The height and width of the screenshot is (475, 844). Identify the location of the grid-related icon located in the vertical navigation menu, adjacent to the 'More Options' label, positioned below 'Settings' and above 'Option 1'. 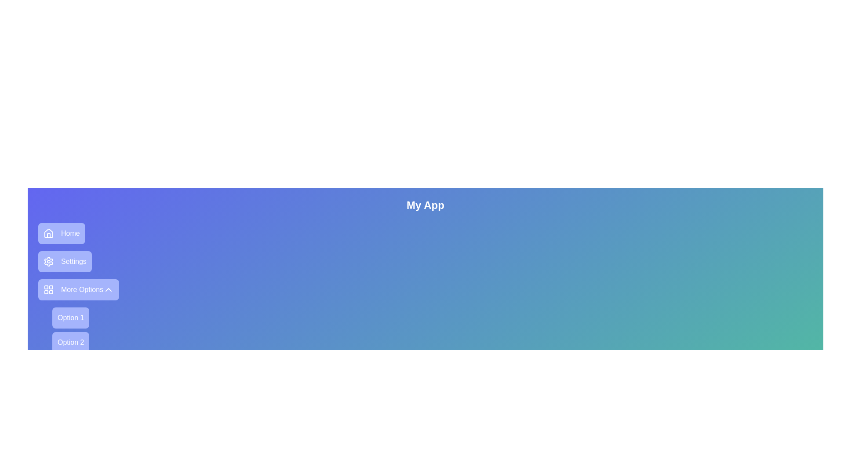
(48, 290).